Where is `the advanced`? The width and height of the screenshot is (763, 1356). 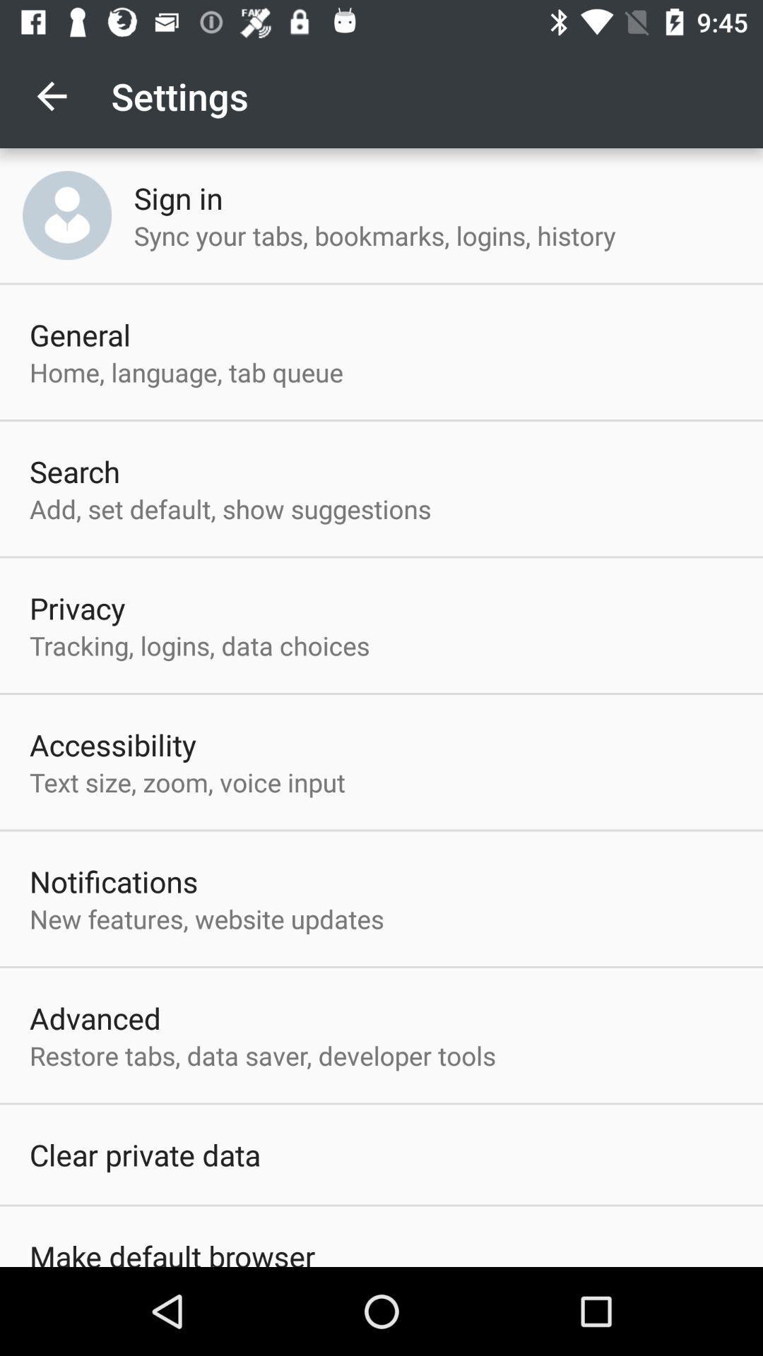
the advanced is located at coordinates (95, 1018).